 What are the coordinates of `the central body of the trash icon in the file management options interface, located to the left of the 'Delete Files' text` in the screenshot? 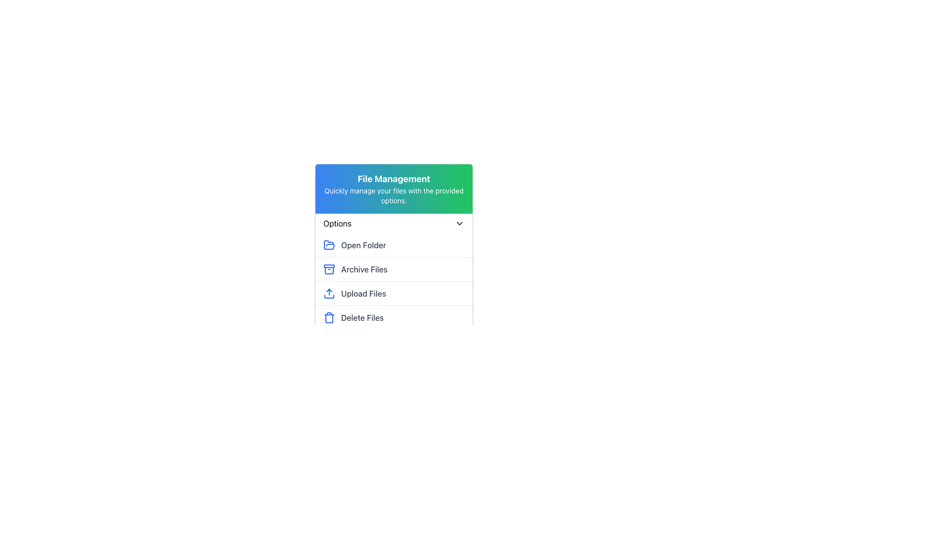 It's located at (329, 318).